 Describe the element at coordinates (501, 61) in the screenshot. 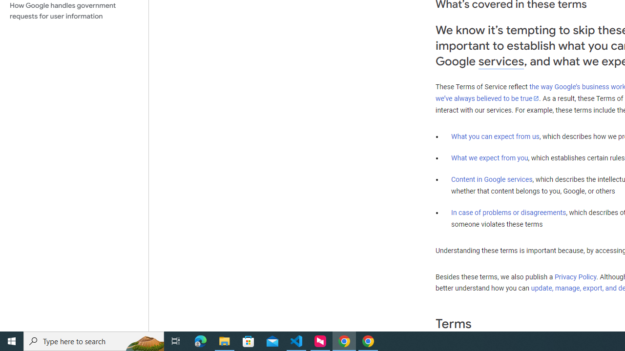

I see `'services'` at that location.